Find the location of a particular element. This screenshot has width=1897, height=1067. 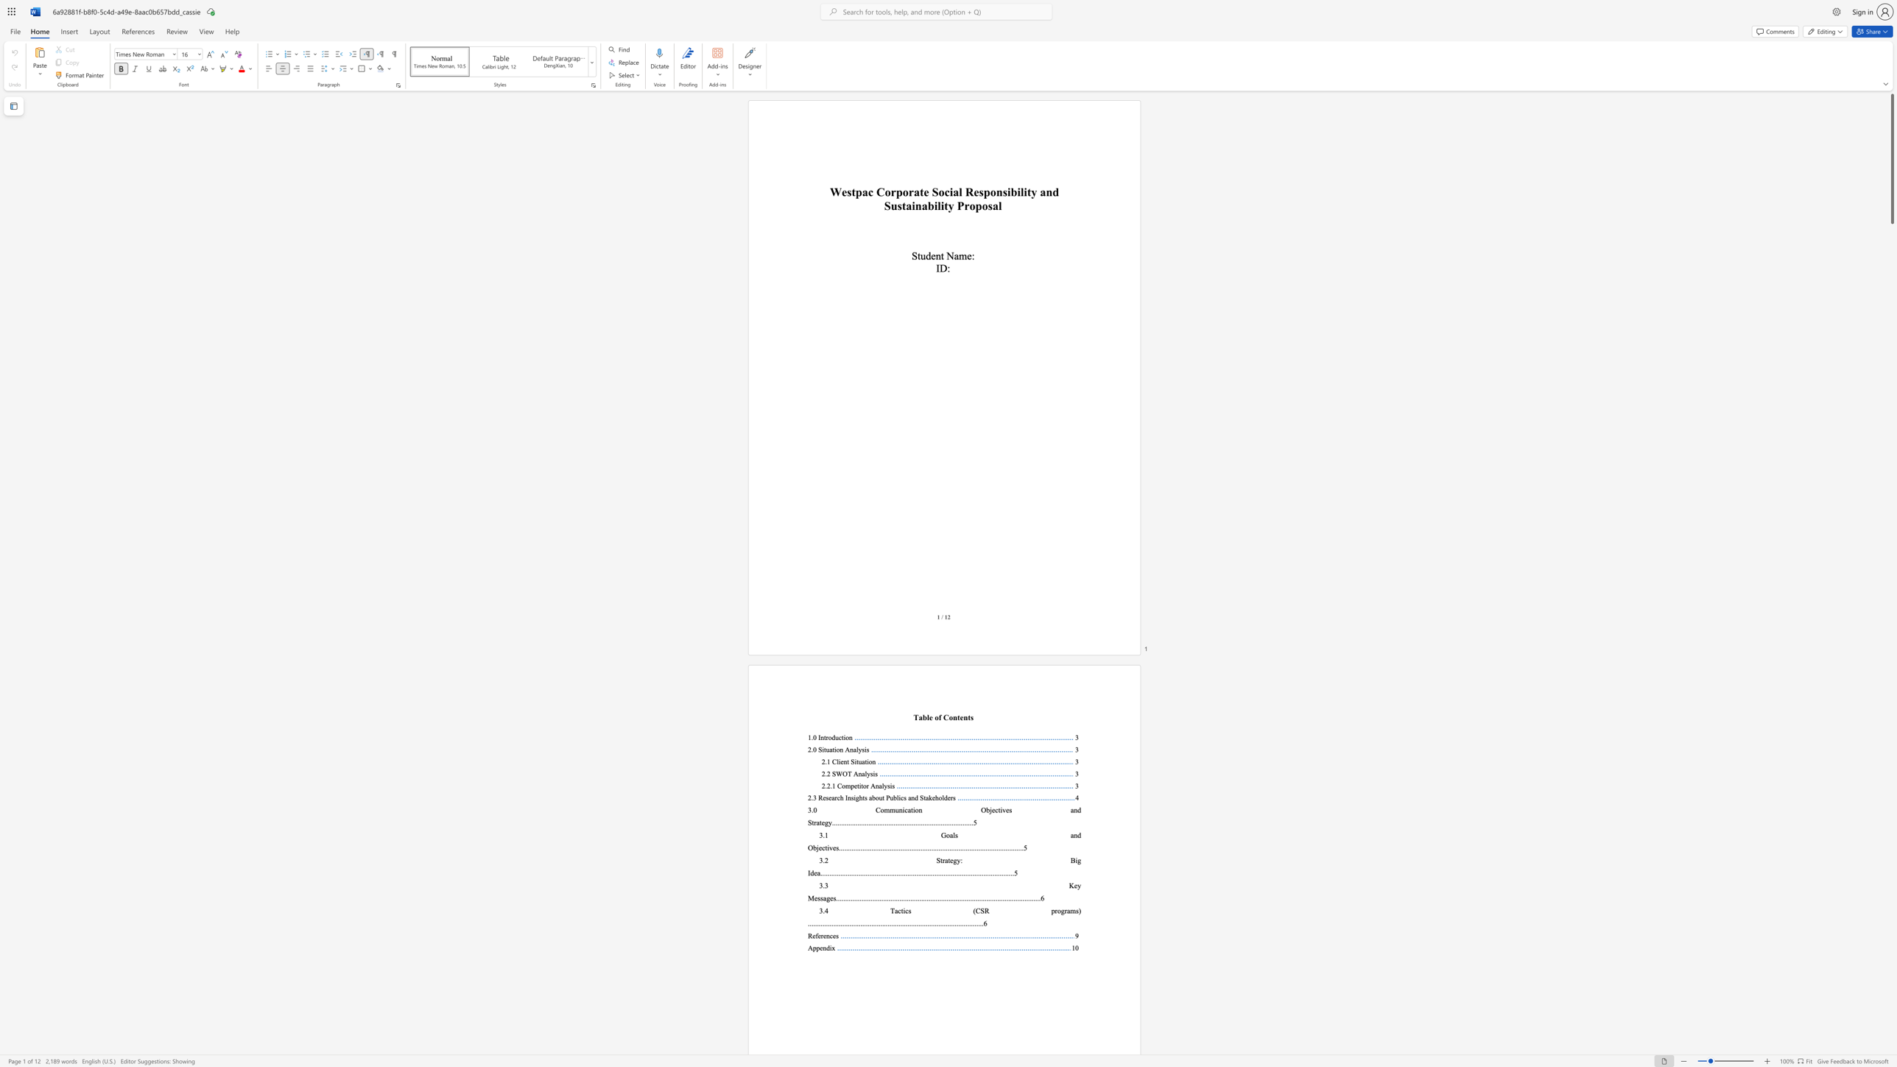

the subset text "sis" within the text "2.0 Situation Analysis" is located at coordinates (861, 749).